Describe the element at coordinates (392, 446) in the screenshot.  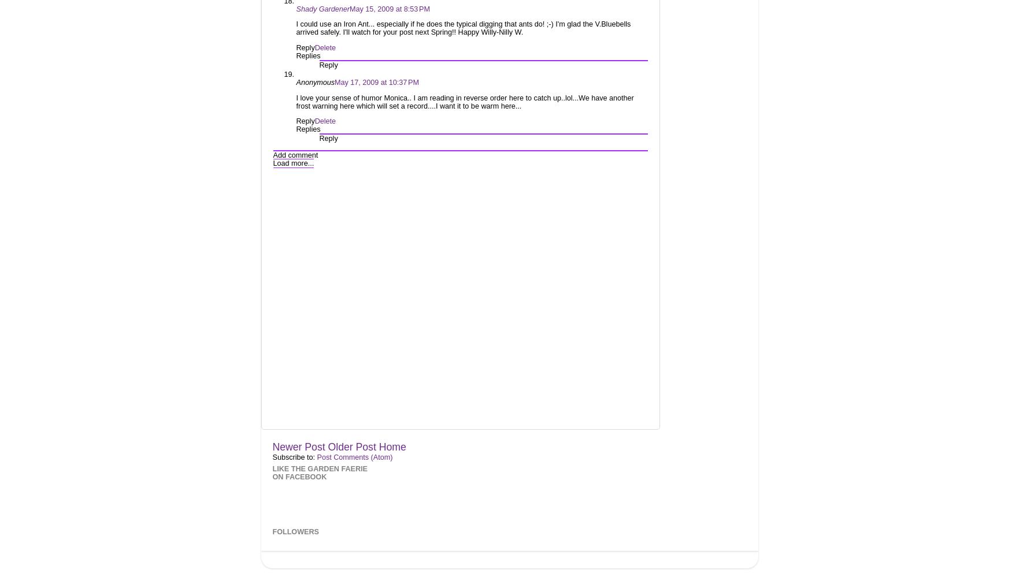
I see `'Home'` at that location.